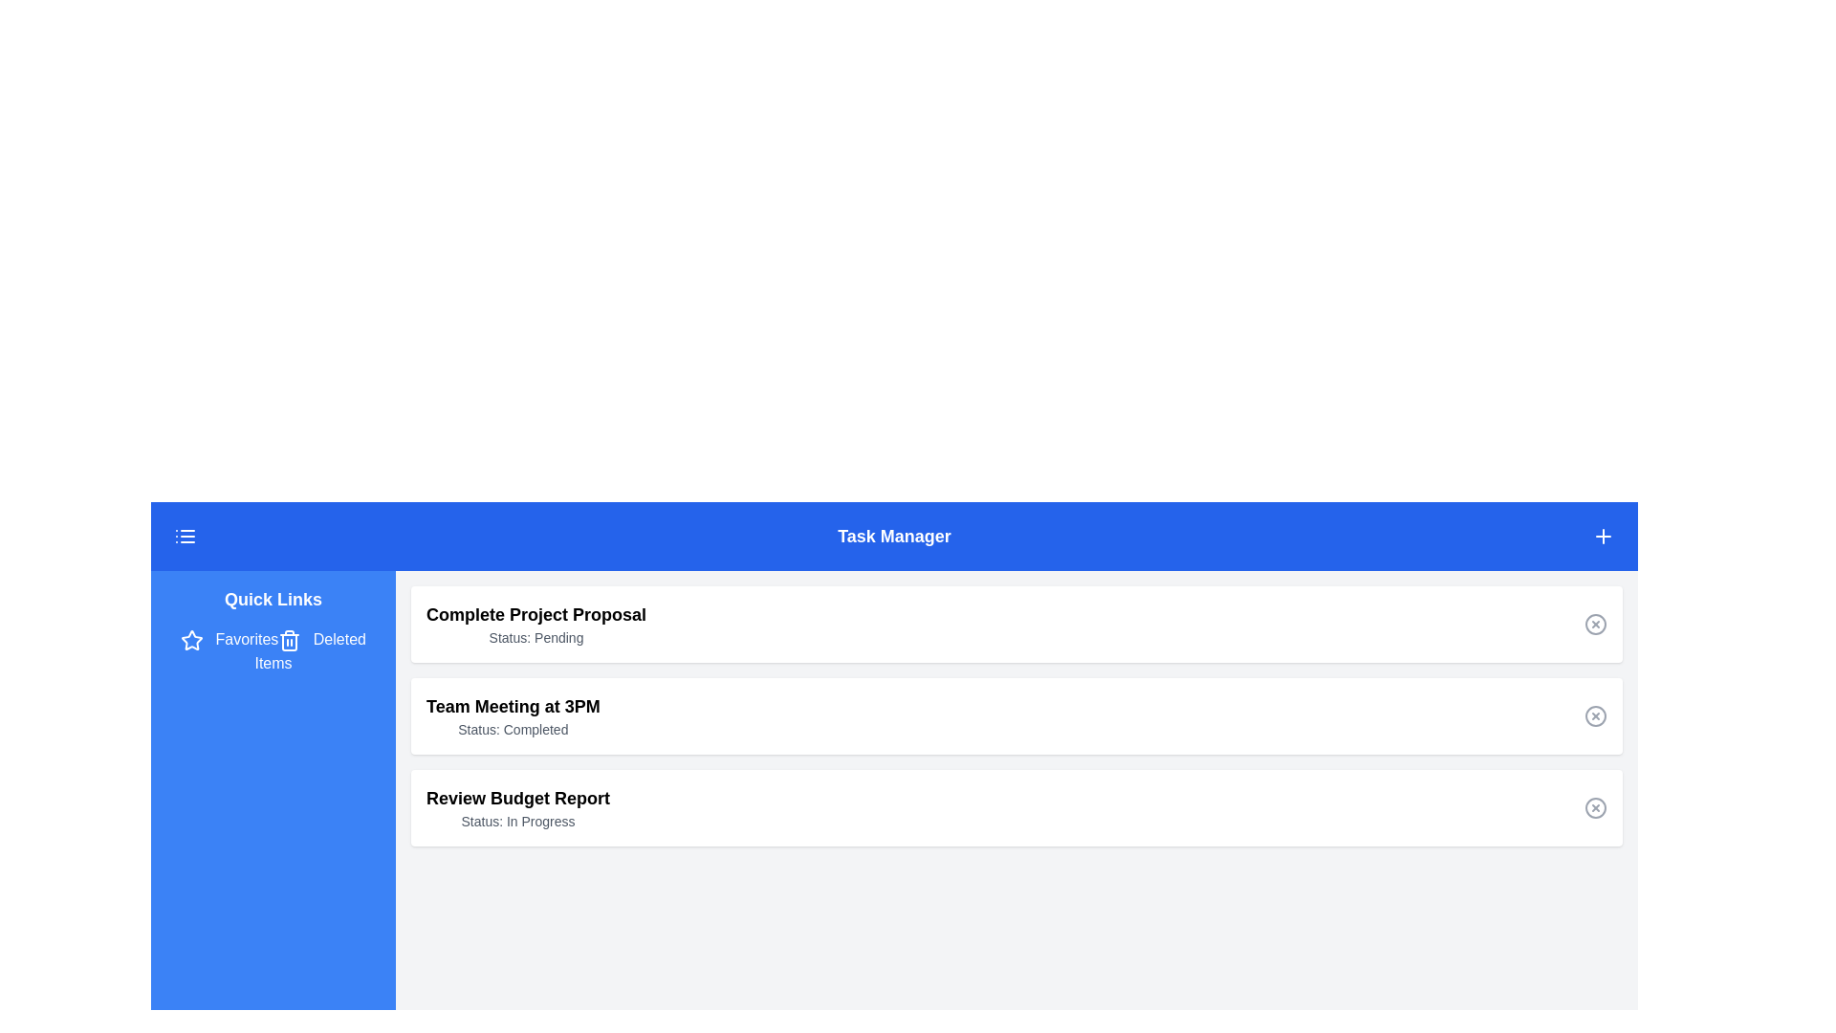 Image resolution: width=1836 pixels, height=1033 pixels. What do you see at coordinates (1596, 715) in the screenshot?
I see `the SVG Circle Element of the Delete icon for the third list item in the task manager interface, located to the right of the 'Review Budget Report' task` at bounding box center [1596, 715].